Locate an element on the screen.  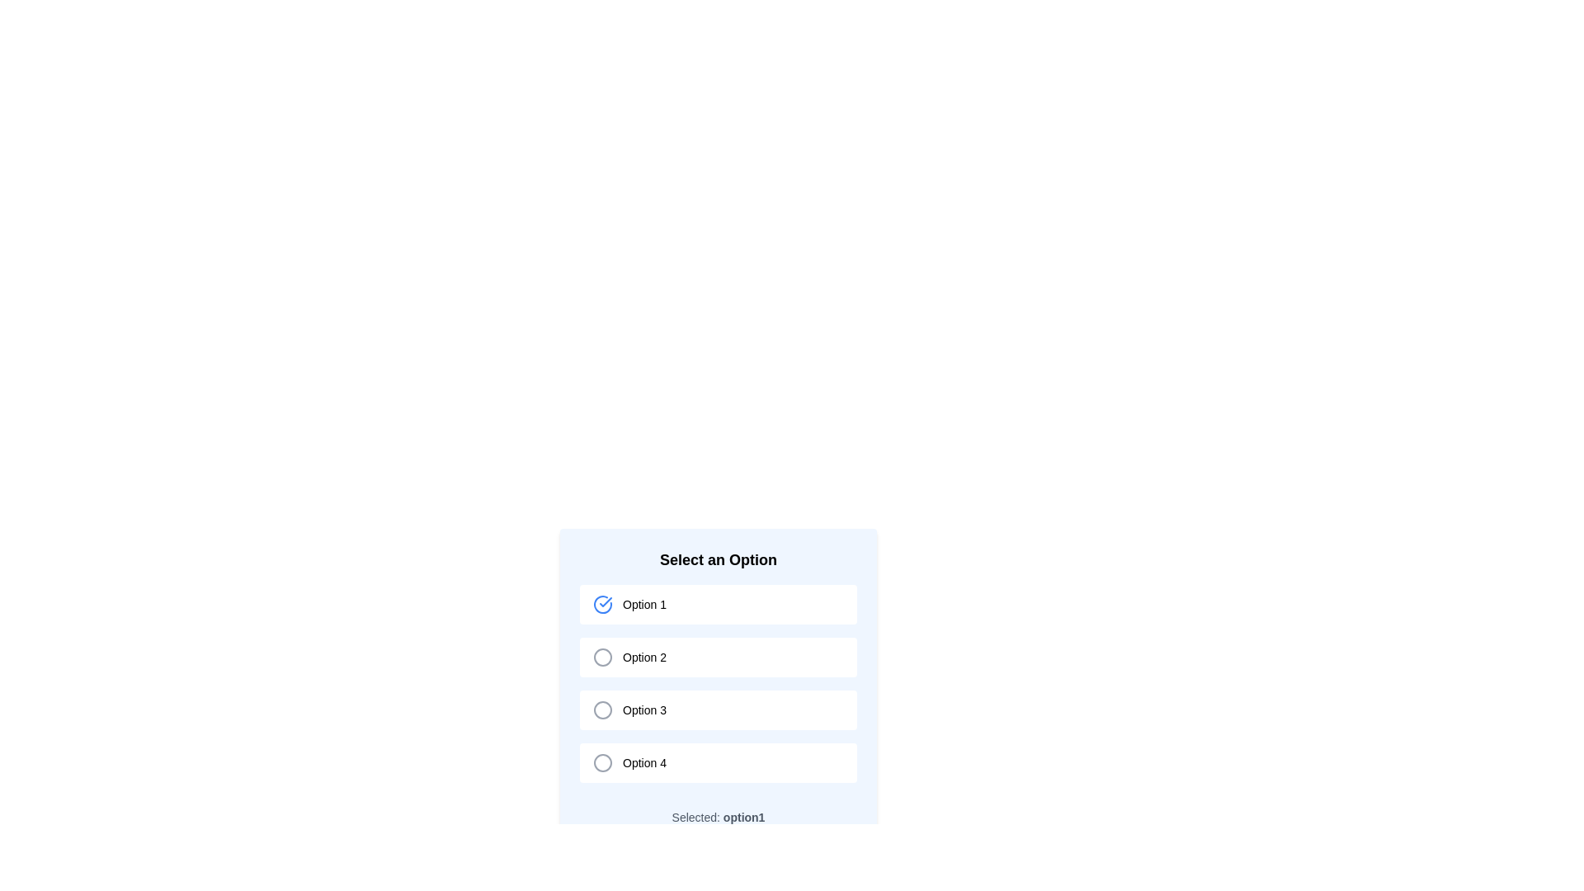
the circular UI component that is part of the 'Option 4' radio button, which has a gray outline and no background is located at coordinates (601, 763).